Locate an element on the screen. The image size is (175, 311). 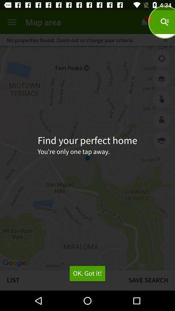
the icon to the right of no properties found is located at coordinates (165, 40).